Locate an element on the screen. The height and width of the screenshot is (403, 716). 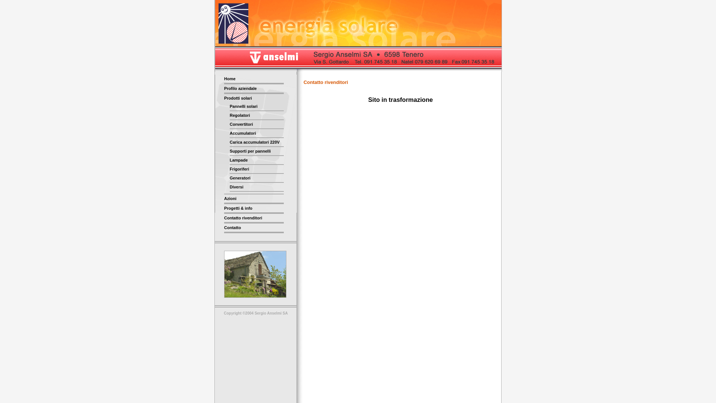
'Azioni' is located at coordinates (254, 198).